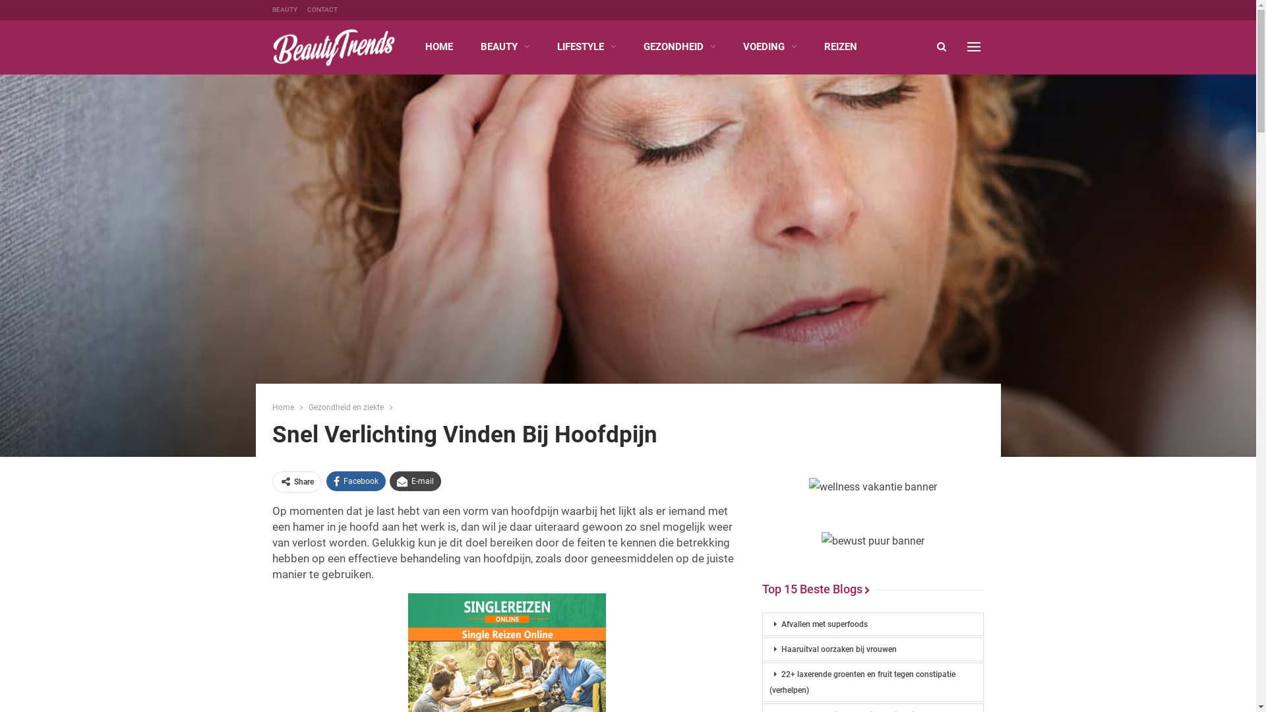  What do you see at coordinates (873, 648) in the screenshot?
I see `'Haaruitval oorzaken bij vrouwen'` at bounding box center [873, 648].